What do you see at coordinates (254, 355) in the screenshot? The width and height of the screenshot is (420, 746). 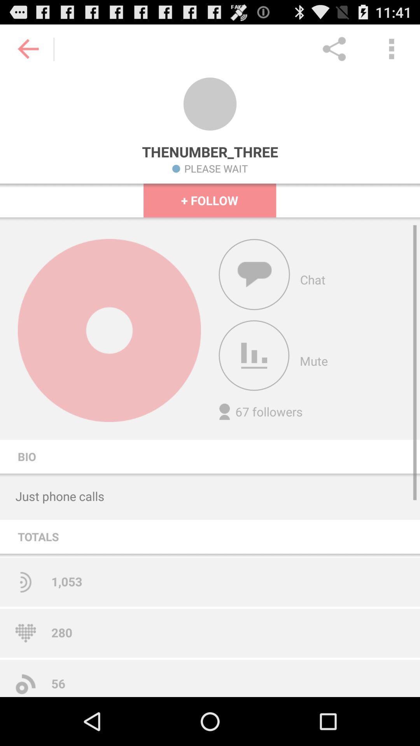 I see `volume control` at bounding box center [254, 355].